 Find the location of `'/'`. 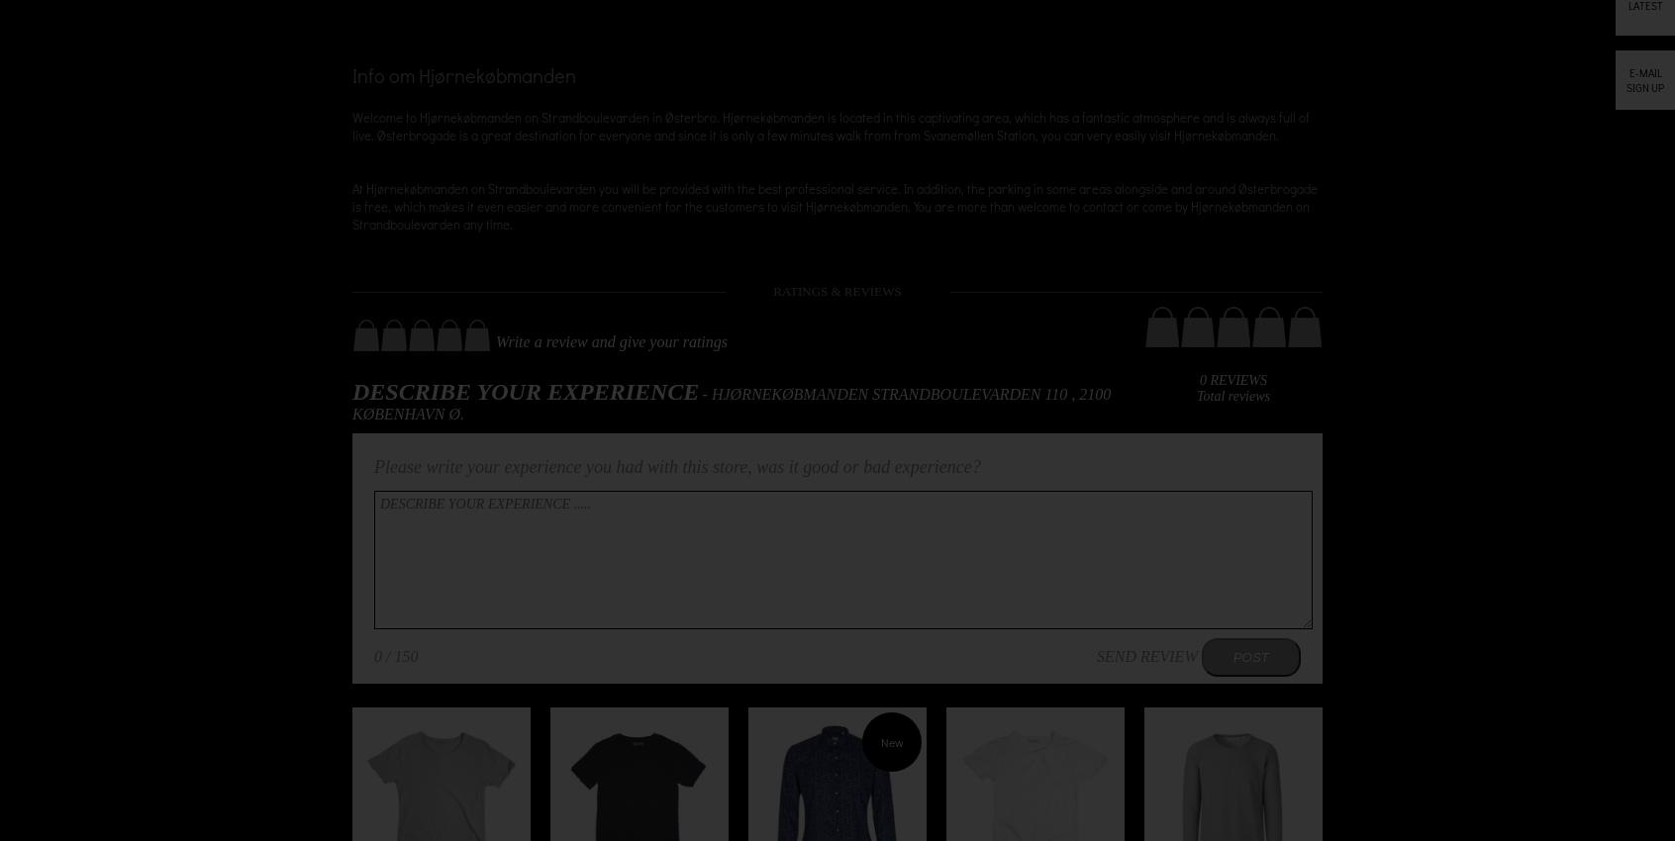

'/' is located at coordinates (381, 656).